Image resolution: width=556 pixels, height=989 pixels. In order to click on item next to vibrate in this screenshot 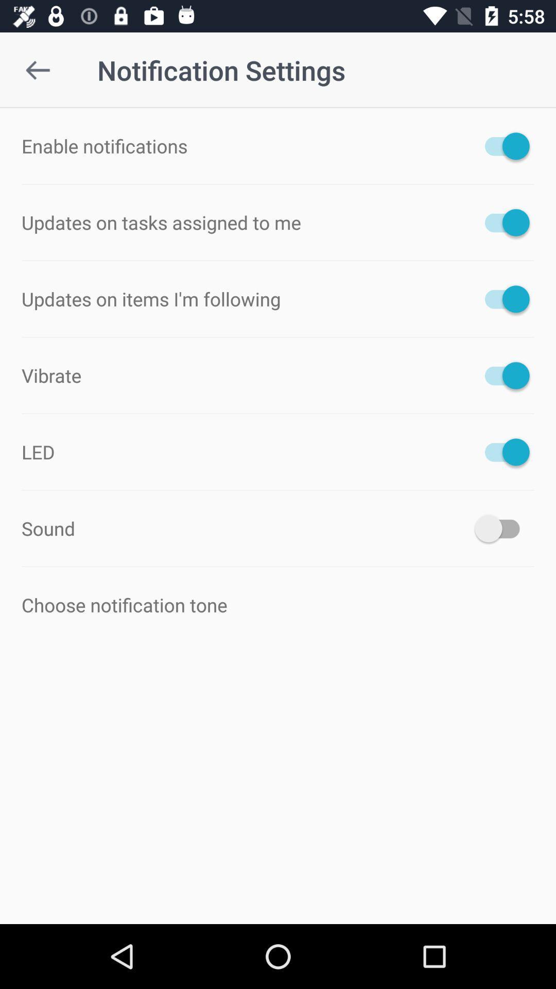, I will do `click(501, 375)`.